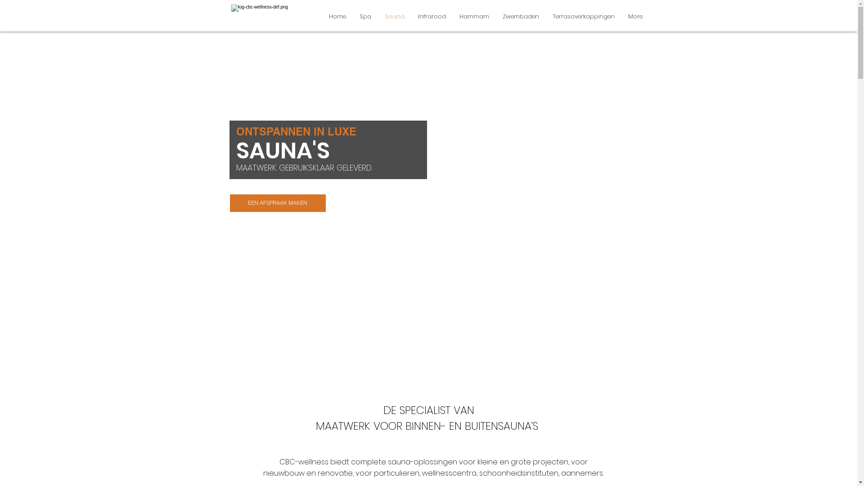  I want to click on 'Spa', so click(365, 16).